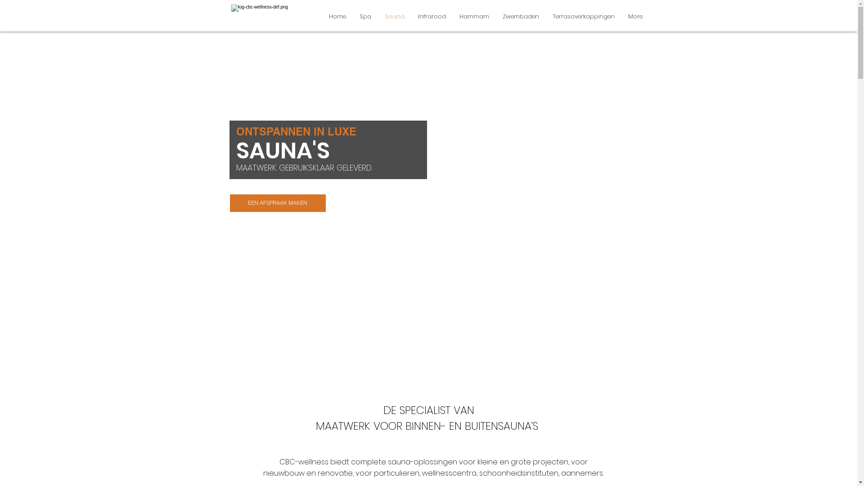  I want to click on 'Spa', so click(365, 16).